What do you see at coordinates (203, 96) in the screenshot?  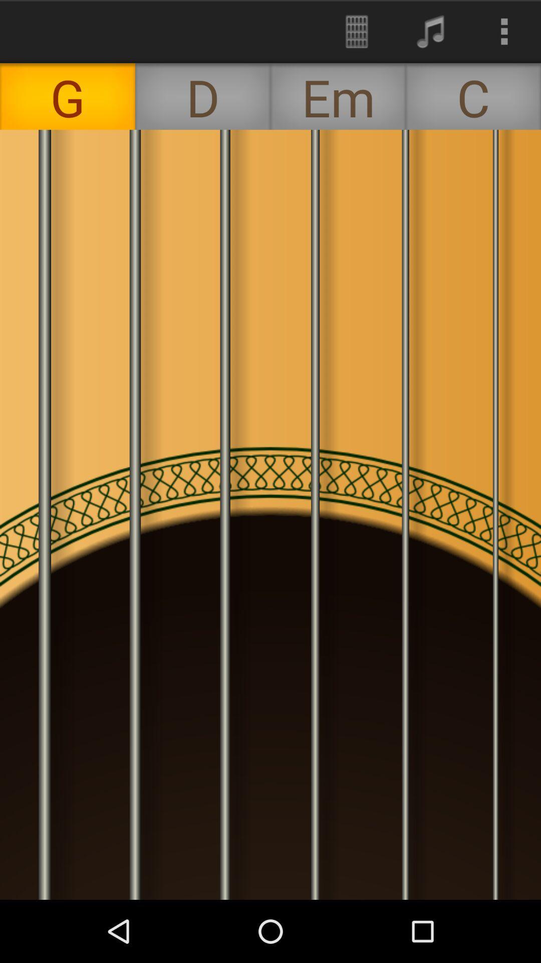 I see `the item to the right of g` at bounding box center [203, 96].